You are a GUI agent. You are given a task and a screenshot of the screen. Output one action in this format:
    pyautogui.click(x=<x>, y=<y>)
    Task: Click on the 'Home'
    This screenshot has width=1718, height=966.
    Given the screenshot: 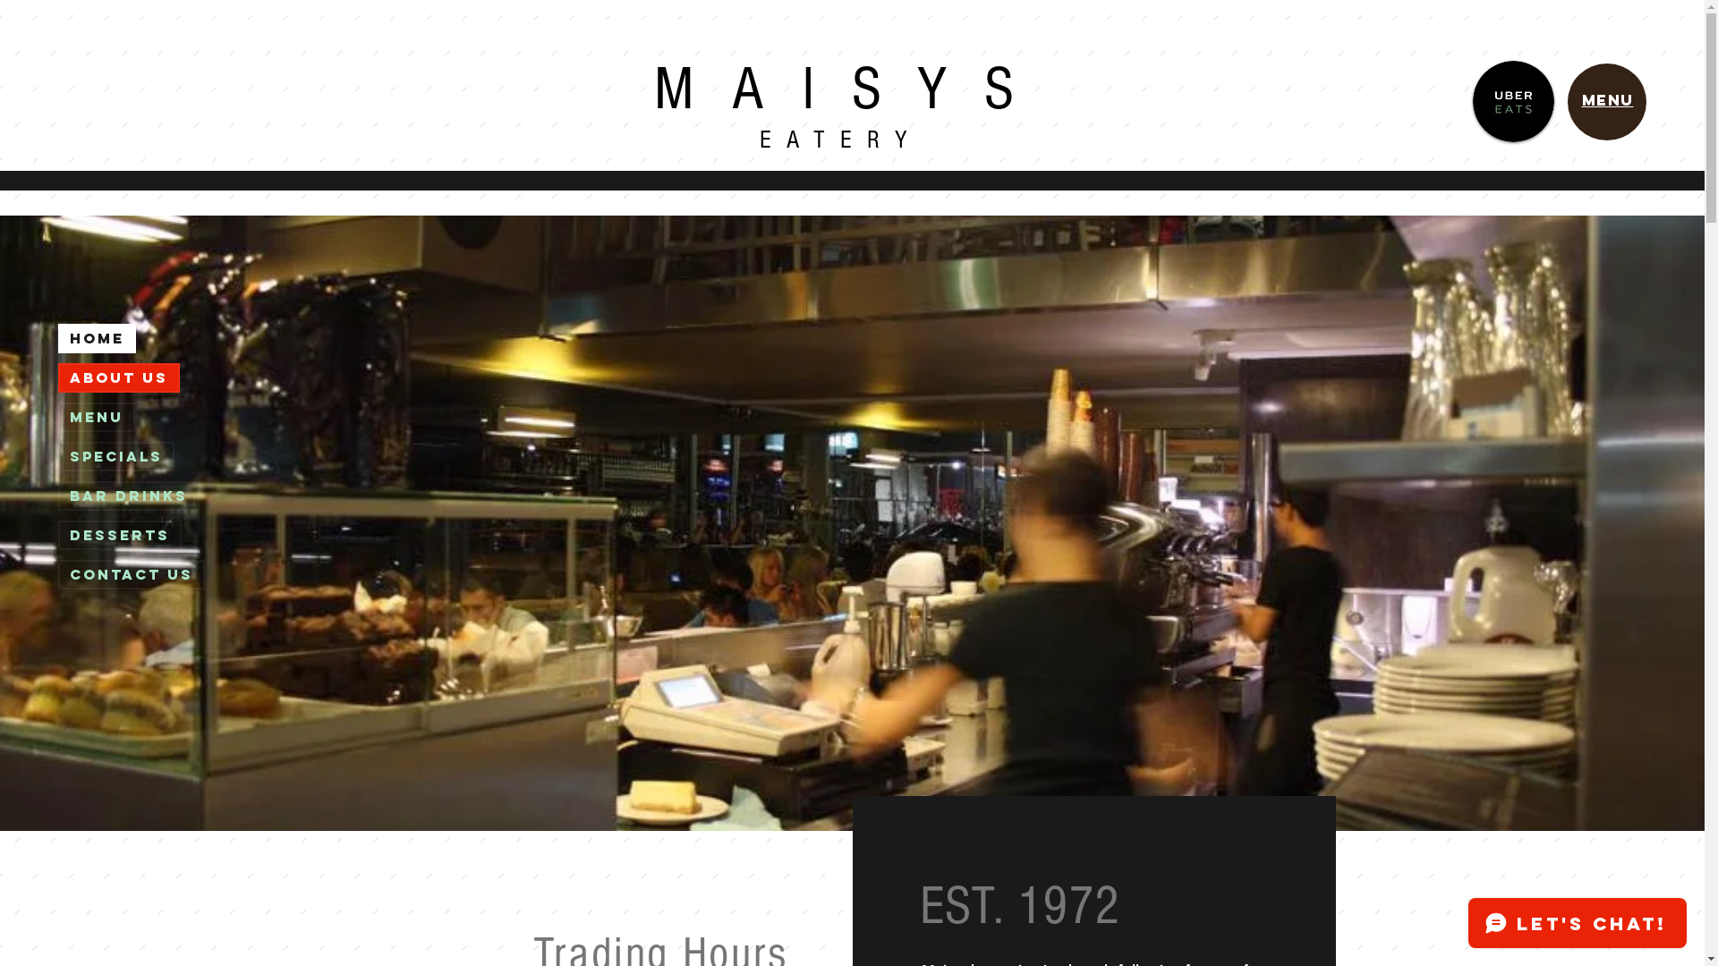 What is the action you would take?
    pyautogui.click(x=96, y=338)
    